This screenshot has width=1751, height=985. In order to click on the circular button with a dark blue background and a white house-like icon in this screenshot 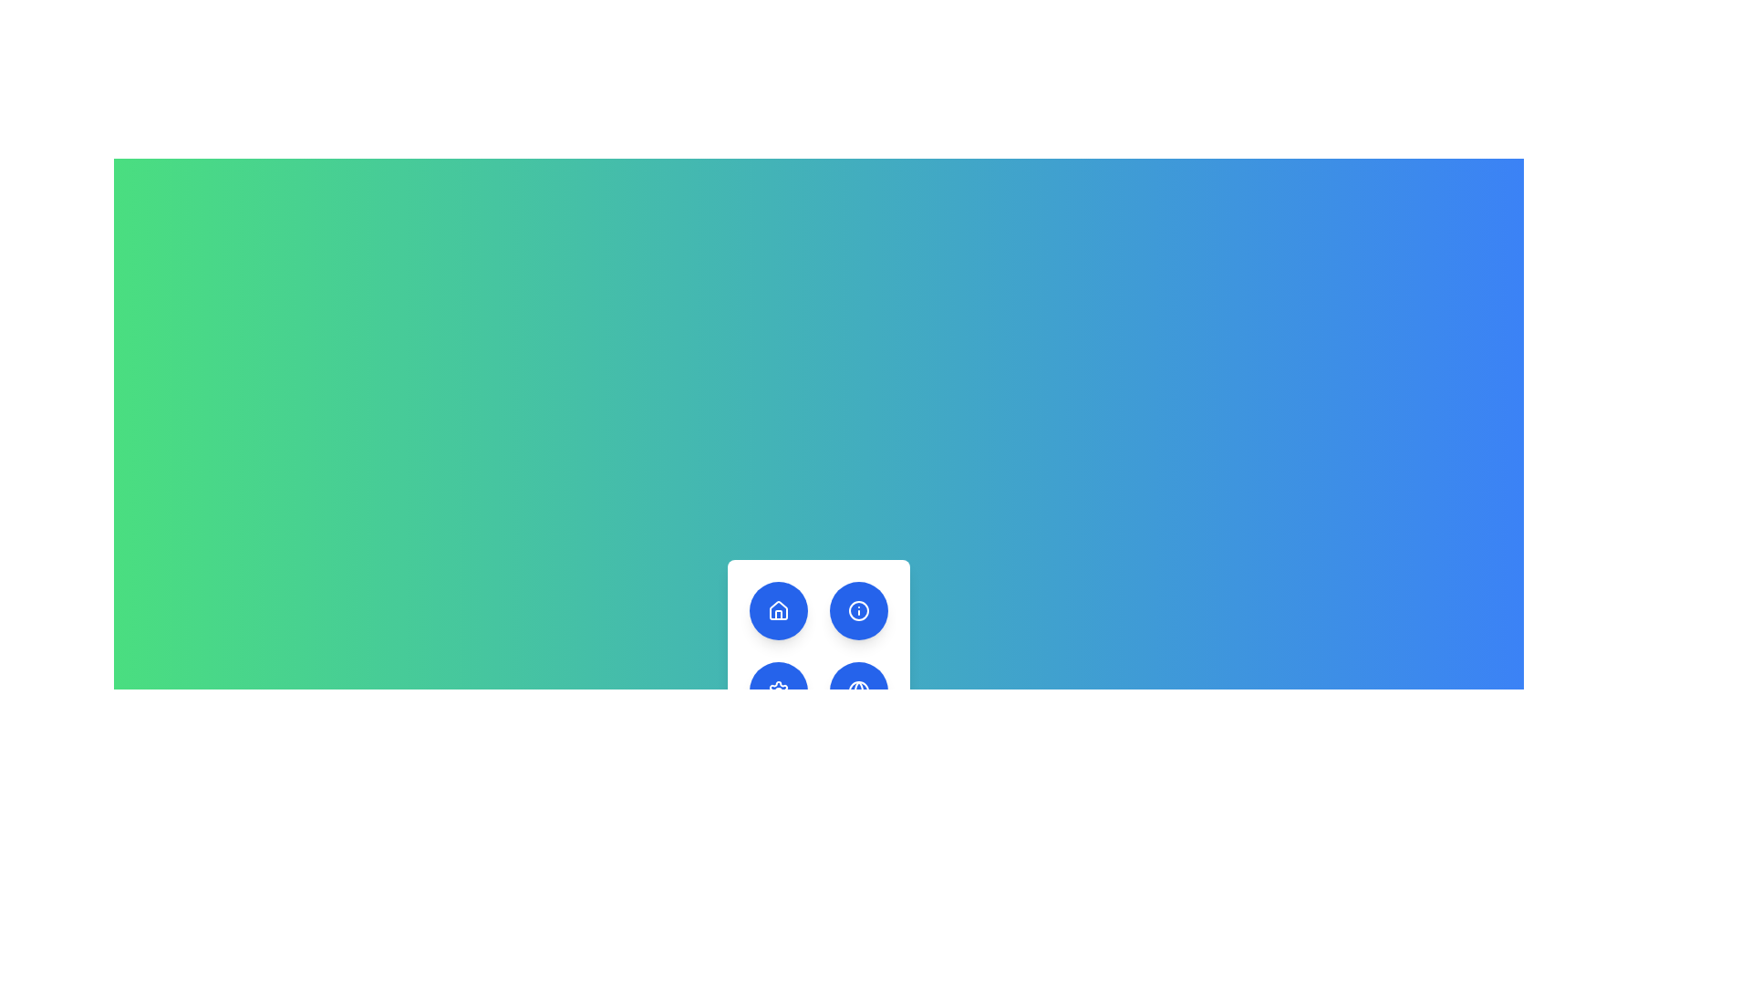, I will do `click(779, 611)`.